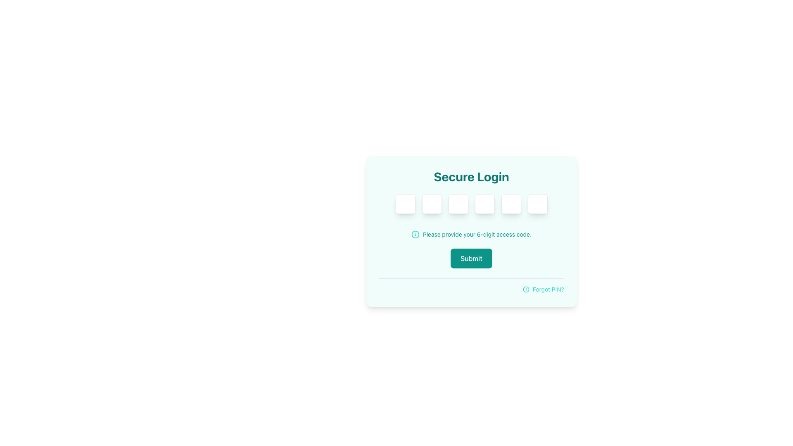  I want to click on the text label displaying 'Forgot PIN?' located in the bottom-right corner of the interface, adjacent to a circular alert icon, so click(548, 289).